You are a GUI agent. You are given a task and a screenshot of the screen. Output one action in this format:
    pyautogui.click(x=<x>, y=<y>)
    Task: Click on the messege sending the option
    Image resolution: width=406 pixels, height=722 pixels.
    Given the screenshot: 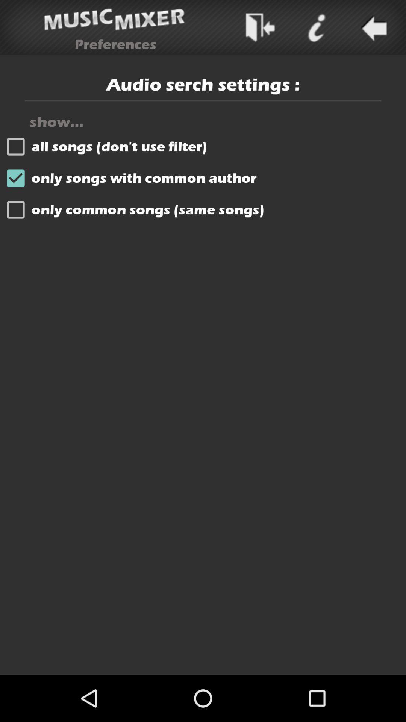 What is the action you would take?
    pyautogui.click(x=259, y=27)
    